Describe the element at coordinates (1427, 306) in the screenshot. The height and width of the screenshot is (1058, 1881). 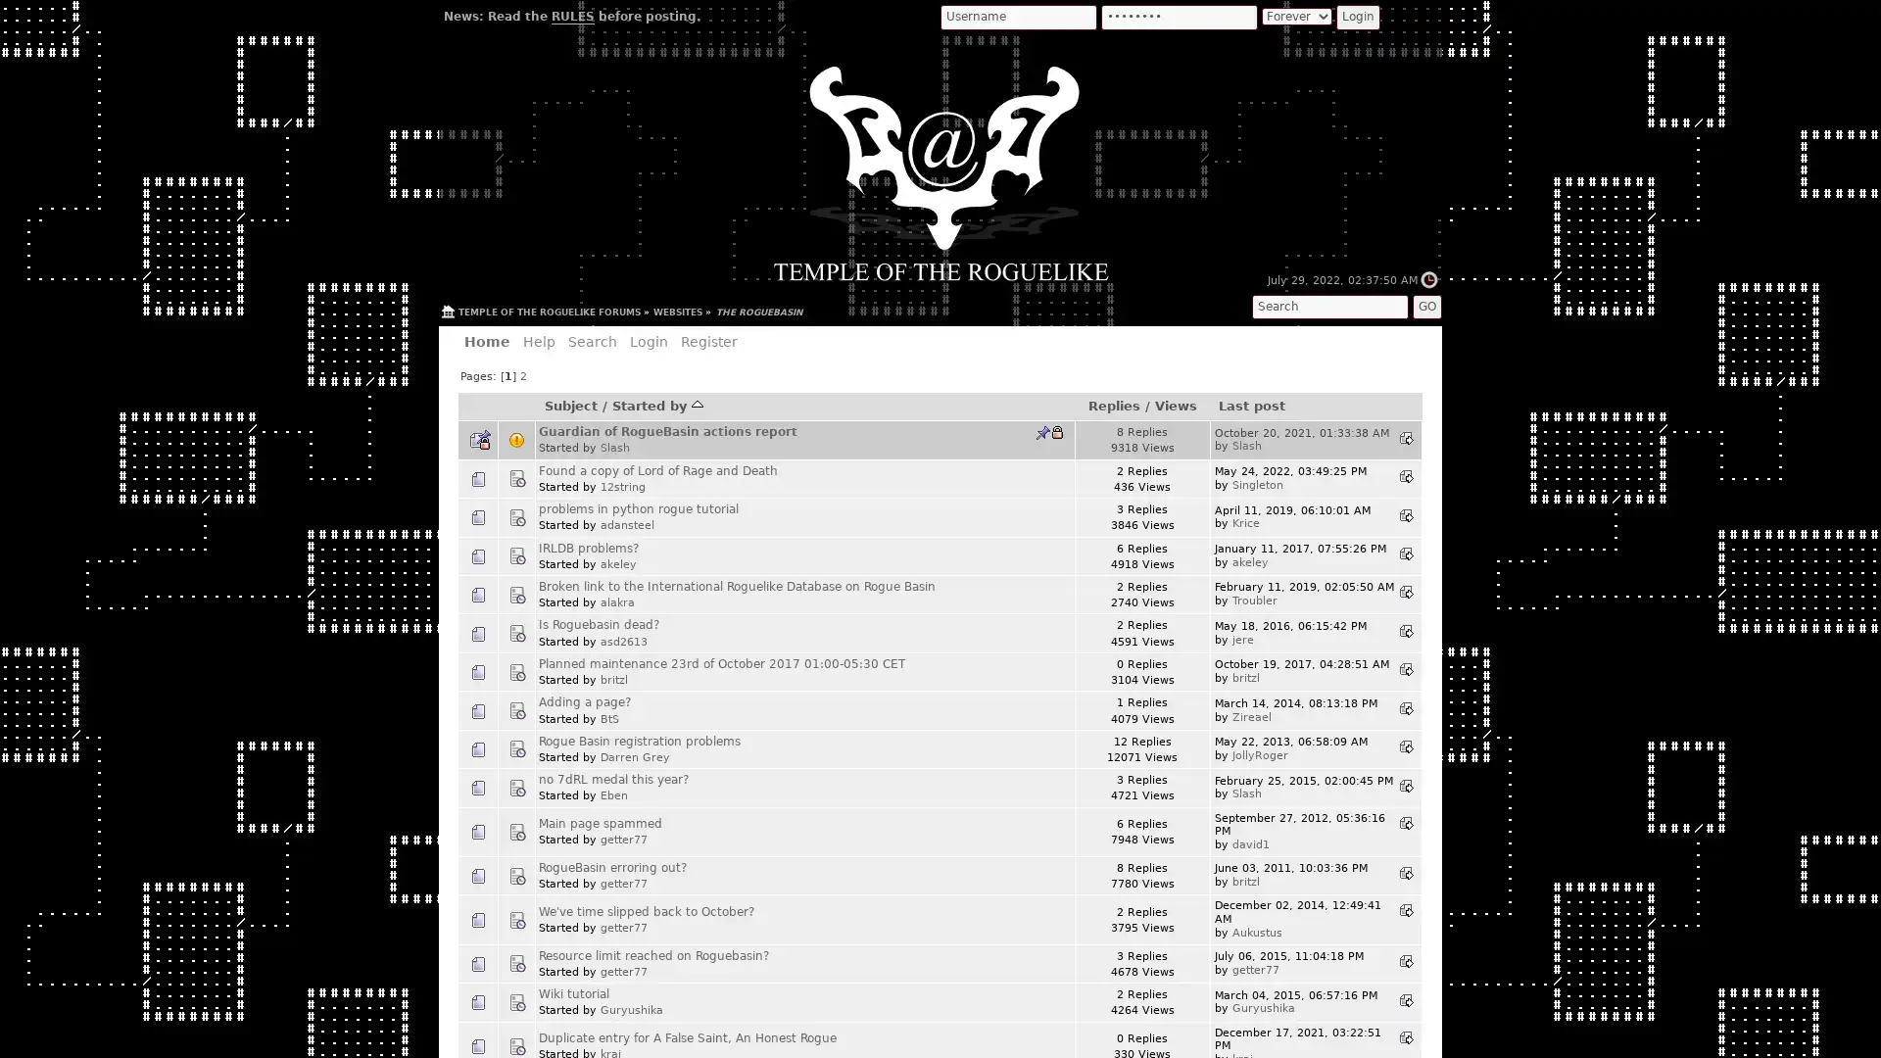
I see `GO` at that location.